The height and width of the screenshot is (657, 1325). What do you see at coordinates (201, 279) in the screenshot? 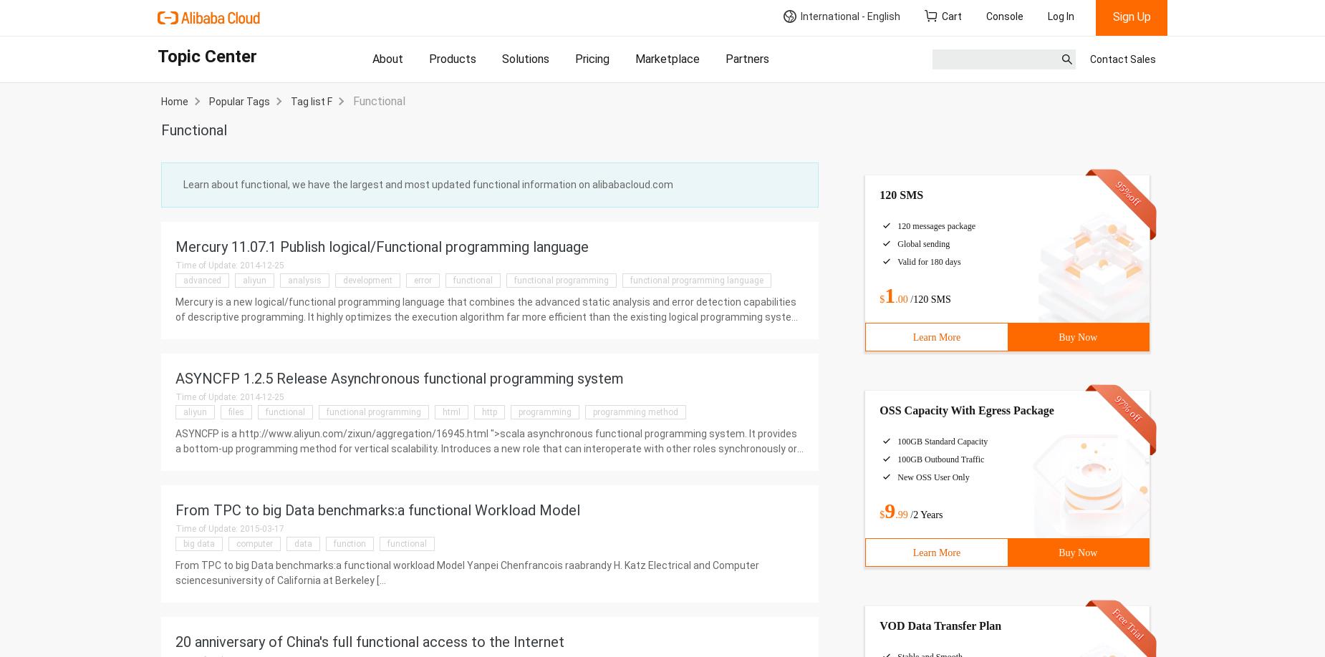
I see `'advanced'` at bounding box center [201, 279].